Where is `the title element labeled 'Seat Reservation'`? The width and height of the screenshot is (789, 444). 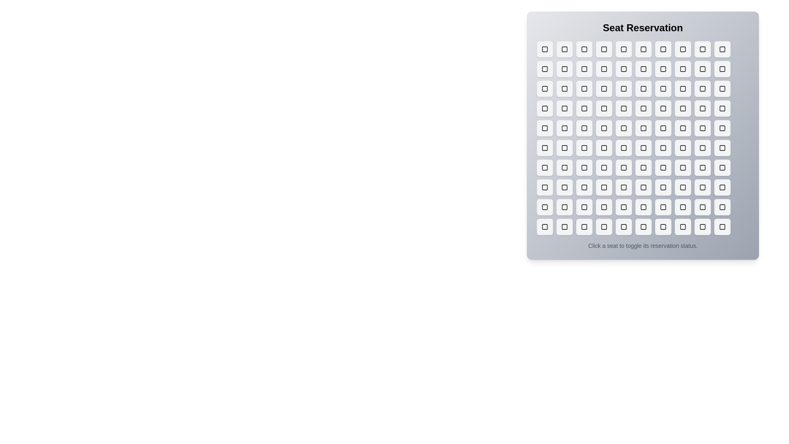 the title element labeled 'Seat Reservation' is located at coordinates (642, 28).